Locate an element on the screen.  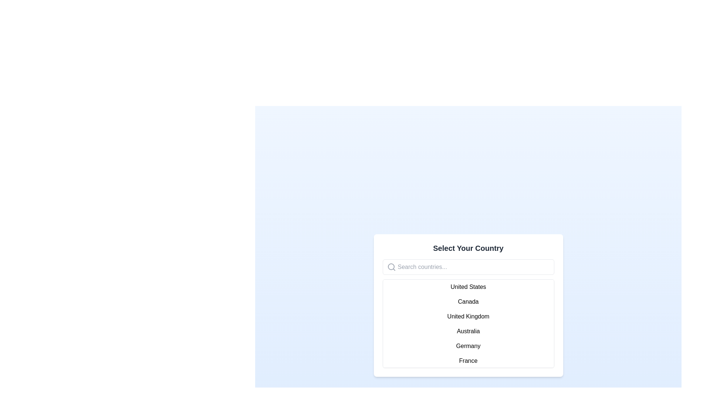
the fifth option in the dropdown list for selecting 'Germany' is located at coordinates (468, 346).